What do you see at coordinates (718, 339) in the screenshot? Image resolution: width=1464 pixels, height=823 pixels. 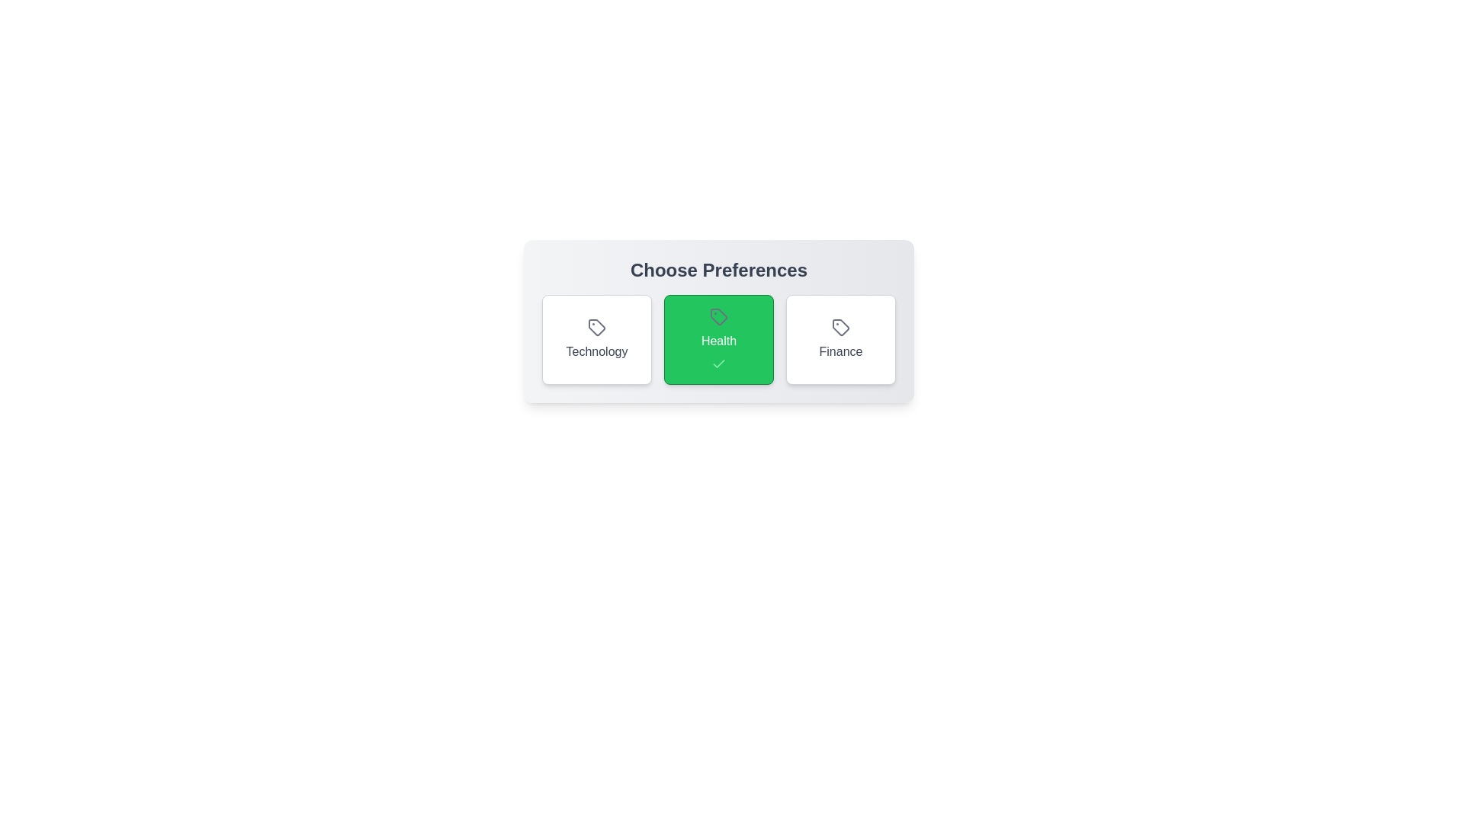 I see `the preference button labeled Health` at bounding box center [718, 339].